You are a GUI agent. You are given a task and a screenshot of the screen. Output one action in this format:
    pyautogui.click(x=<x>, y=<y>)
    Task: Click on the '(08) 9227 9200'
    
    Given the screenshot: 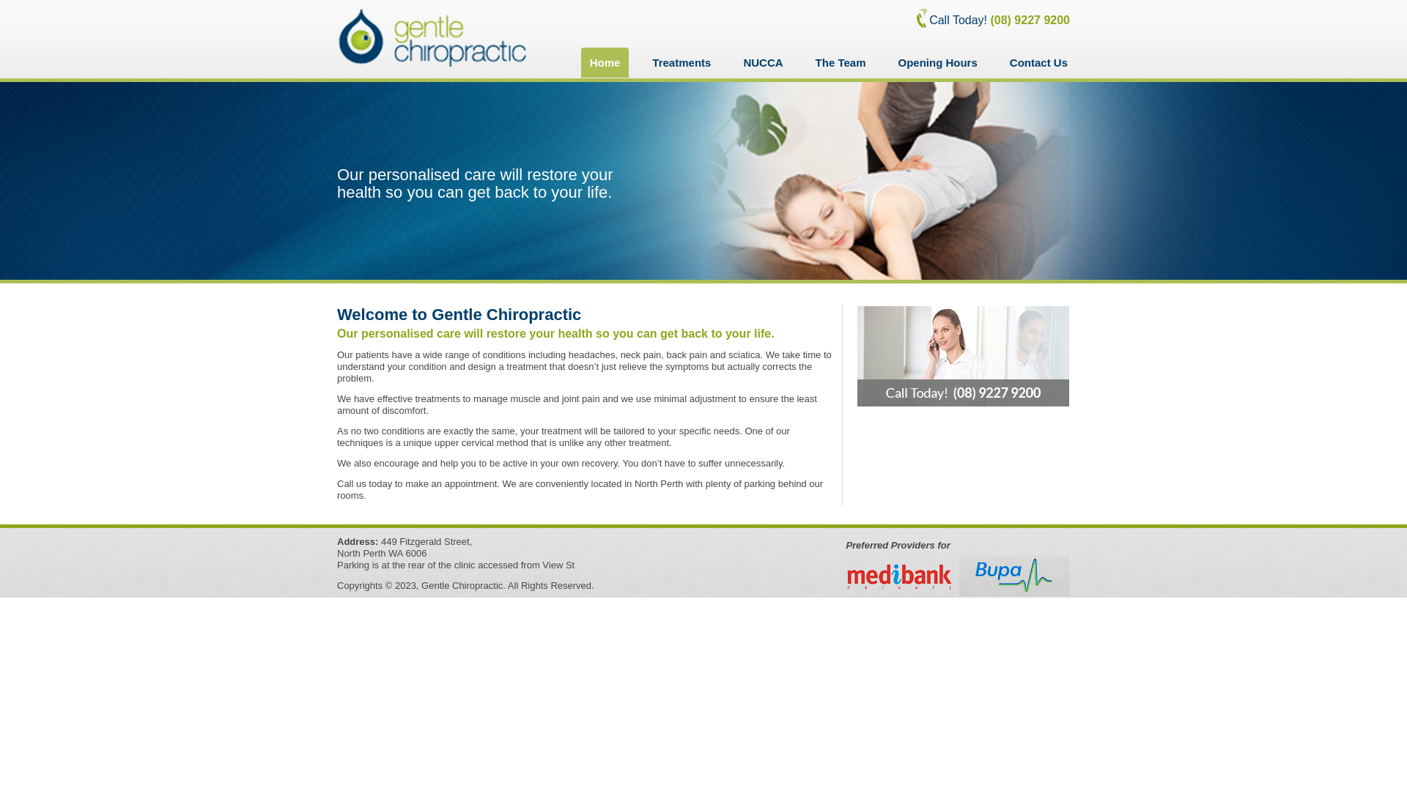 What is the action you would take?
    pyautogui.click(x=989, y=20)
    